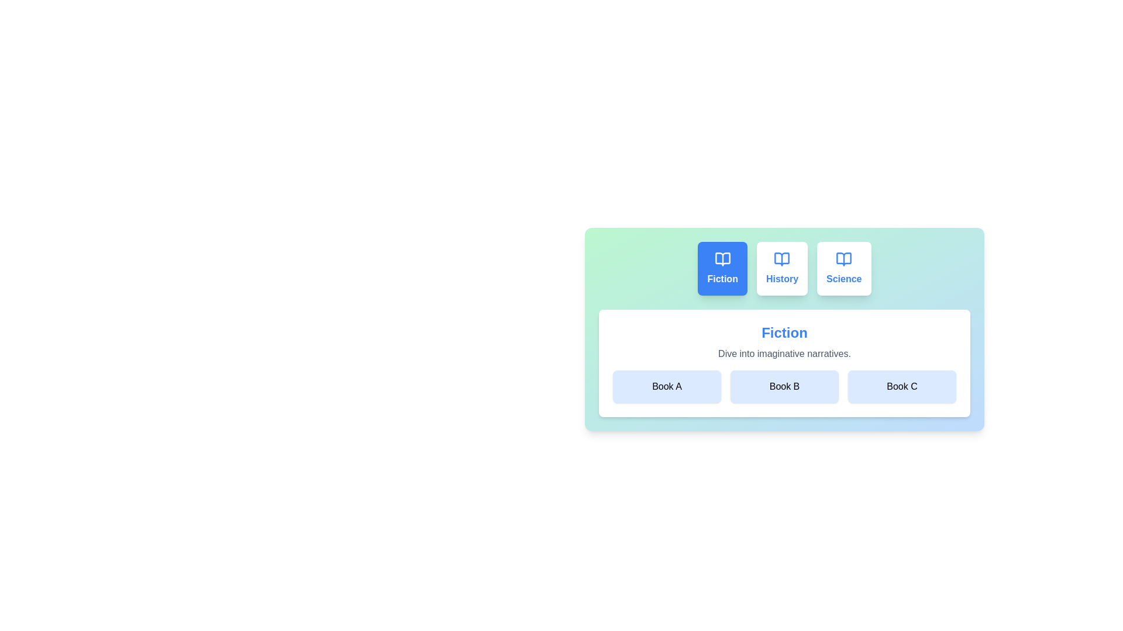 The image size is (1123, 631). Describe the element at coordinates (844, 268) in the screenshot. I see `the Science tab to view its books and description` at that location.